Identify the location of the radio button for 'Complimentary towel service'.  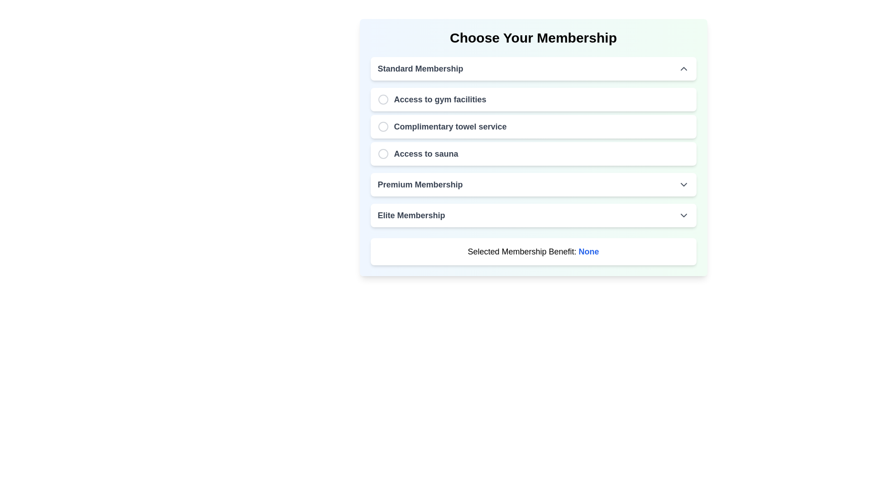
(533, 127).